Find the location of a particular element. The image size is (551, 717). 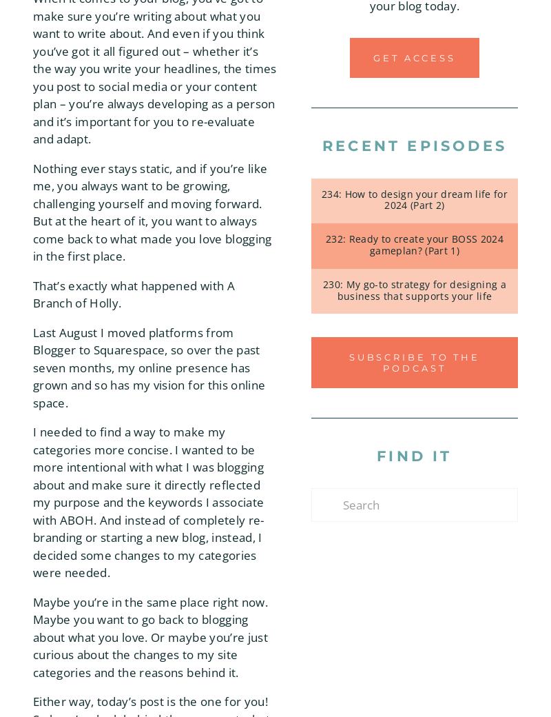

'Maybe you’re in the same place right now. Maybe you want to go back to blogging about what you love. Or maybe you’re just curious about the changes to my site categories and the reasons behind it.' is located at coordinates (150, 636).